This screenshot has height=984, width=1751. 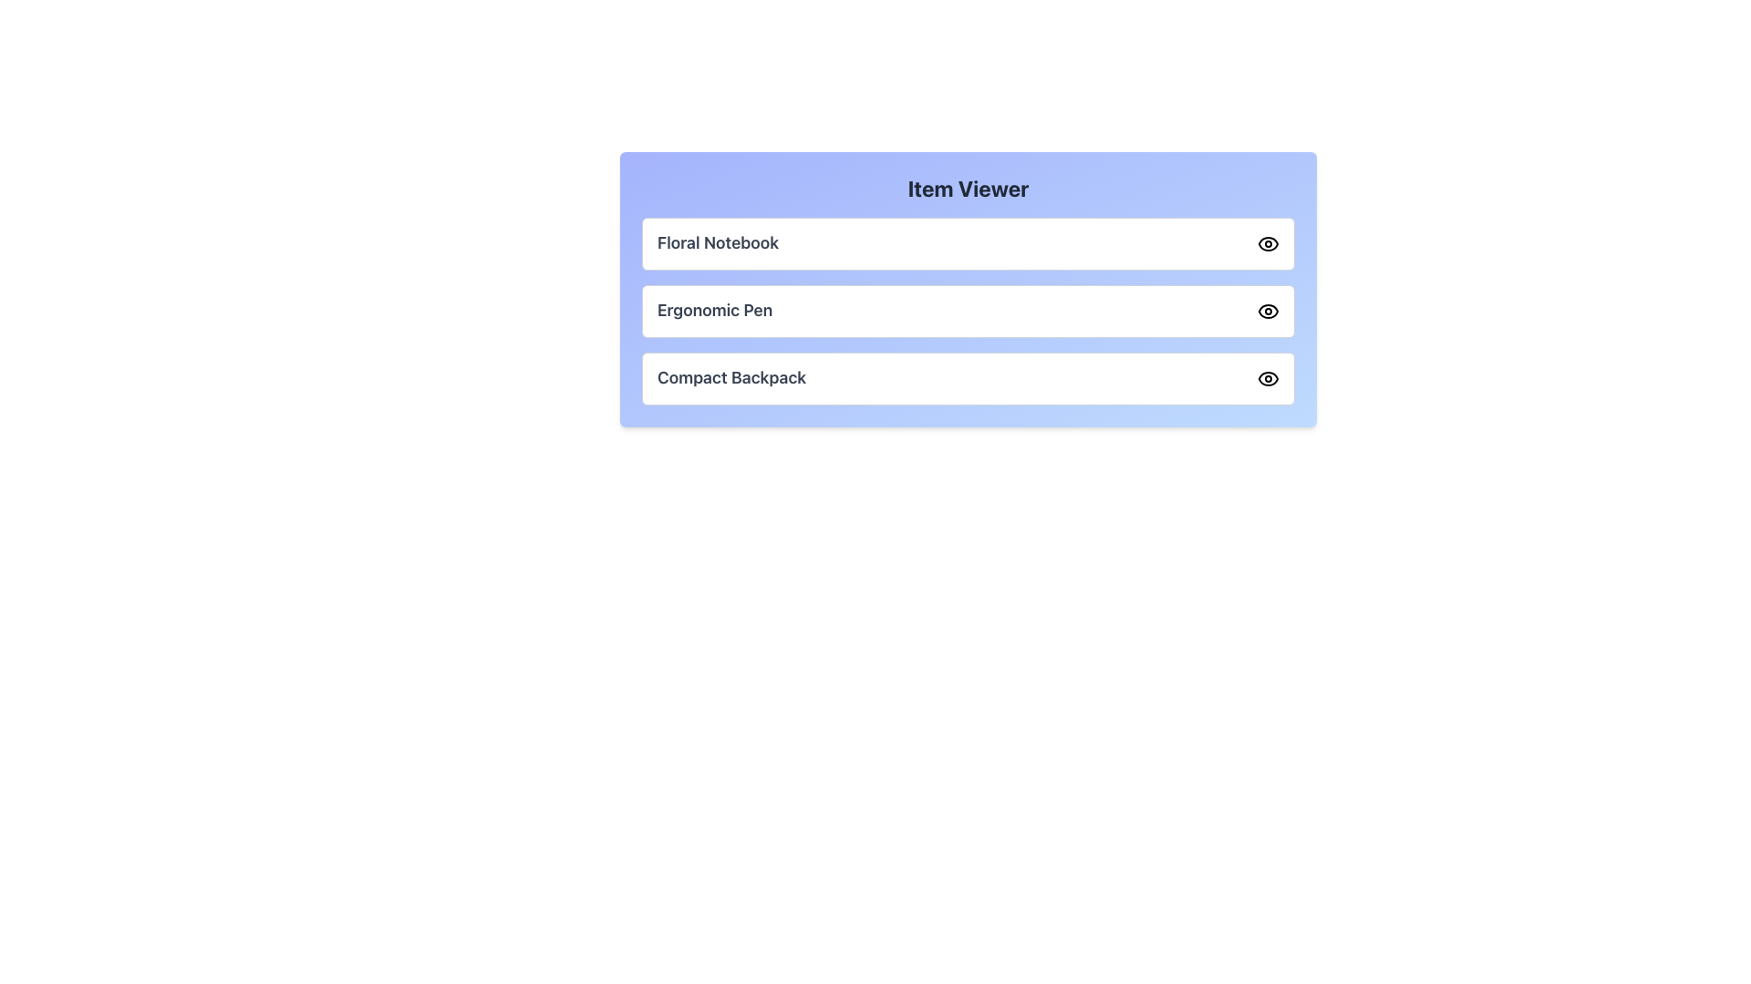 What do you see at coordinates (731, 378) in the screenshot?
I see `the static text label displaying 'Compact Backpack', which is located in the third row of the 'Item Viewer' section, above the 'eye' icon` at bounding box center [731, 378].